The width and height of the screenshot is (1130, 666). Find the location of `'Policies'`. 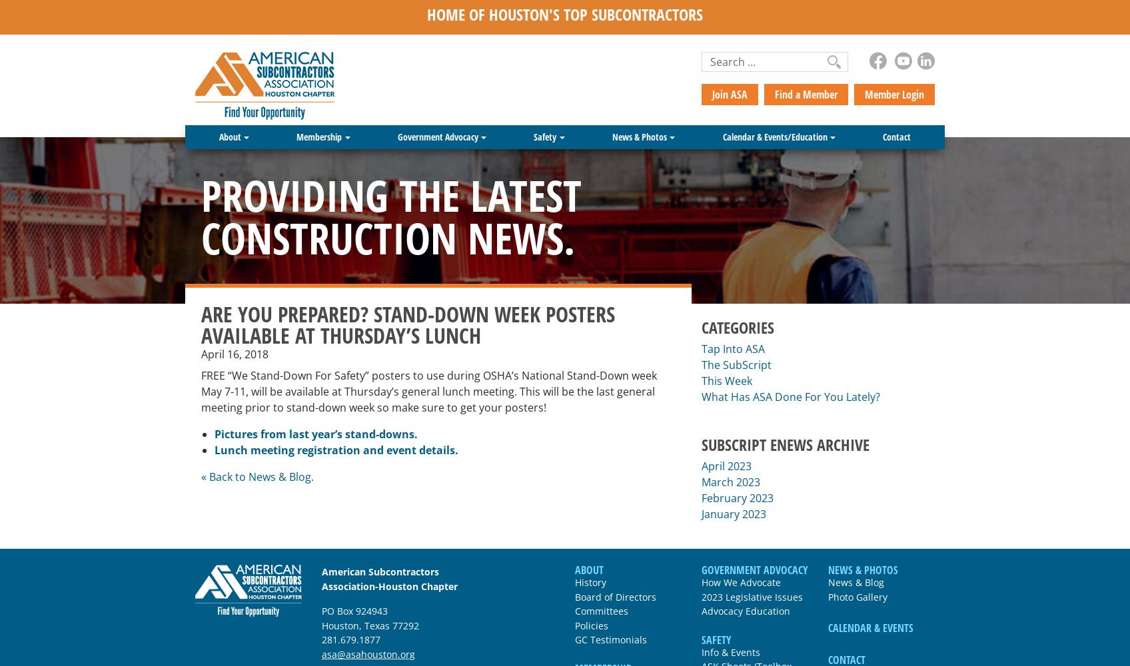

'Policies' is located at coordinates (592, 625).